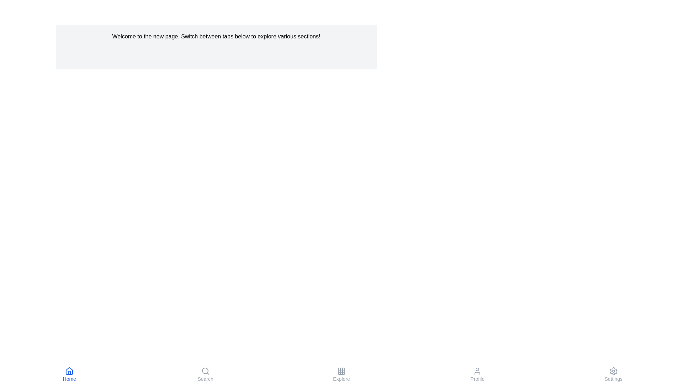 This screenshot has height=384, width=683. I want to click on the 'Home' icon in the bottom navigation bar, so click(69, 371).